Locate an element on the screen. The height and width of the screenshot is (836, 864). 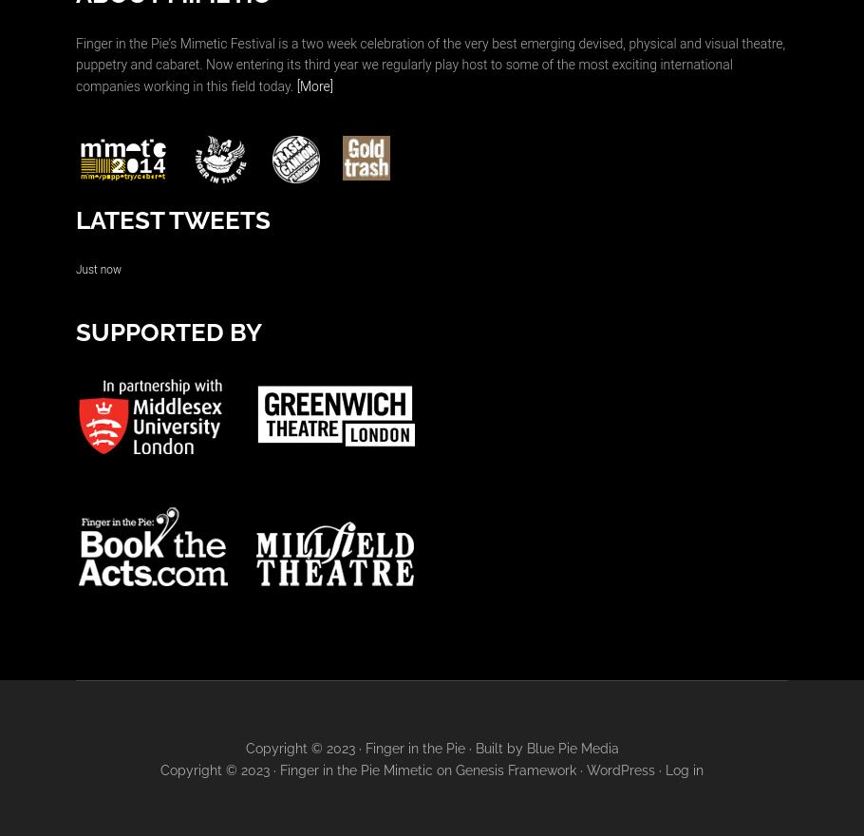
'Finger in the Pie’s Mimetic Festival is a two week celebration of the very best emerging devised, physical and visual theatre, puppetry and cabaret. Now entering its third year we regularly play host to some of the most exciting international companies working in this field today.' is located at coordinates (430, 65).